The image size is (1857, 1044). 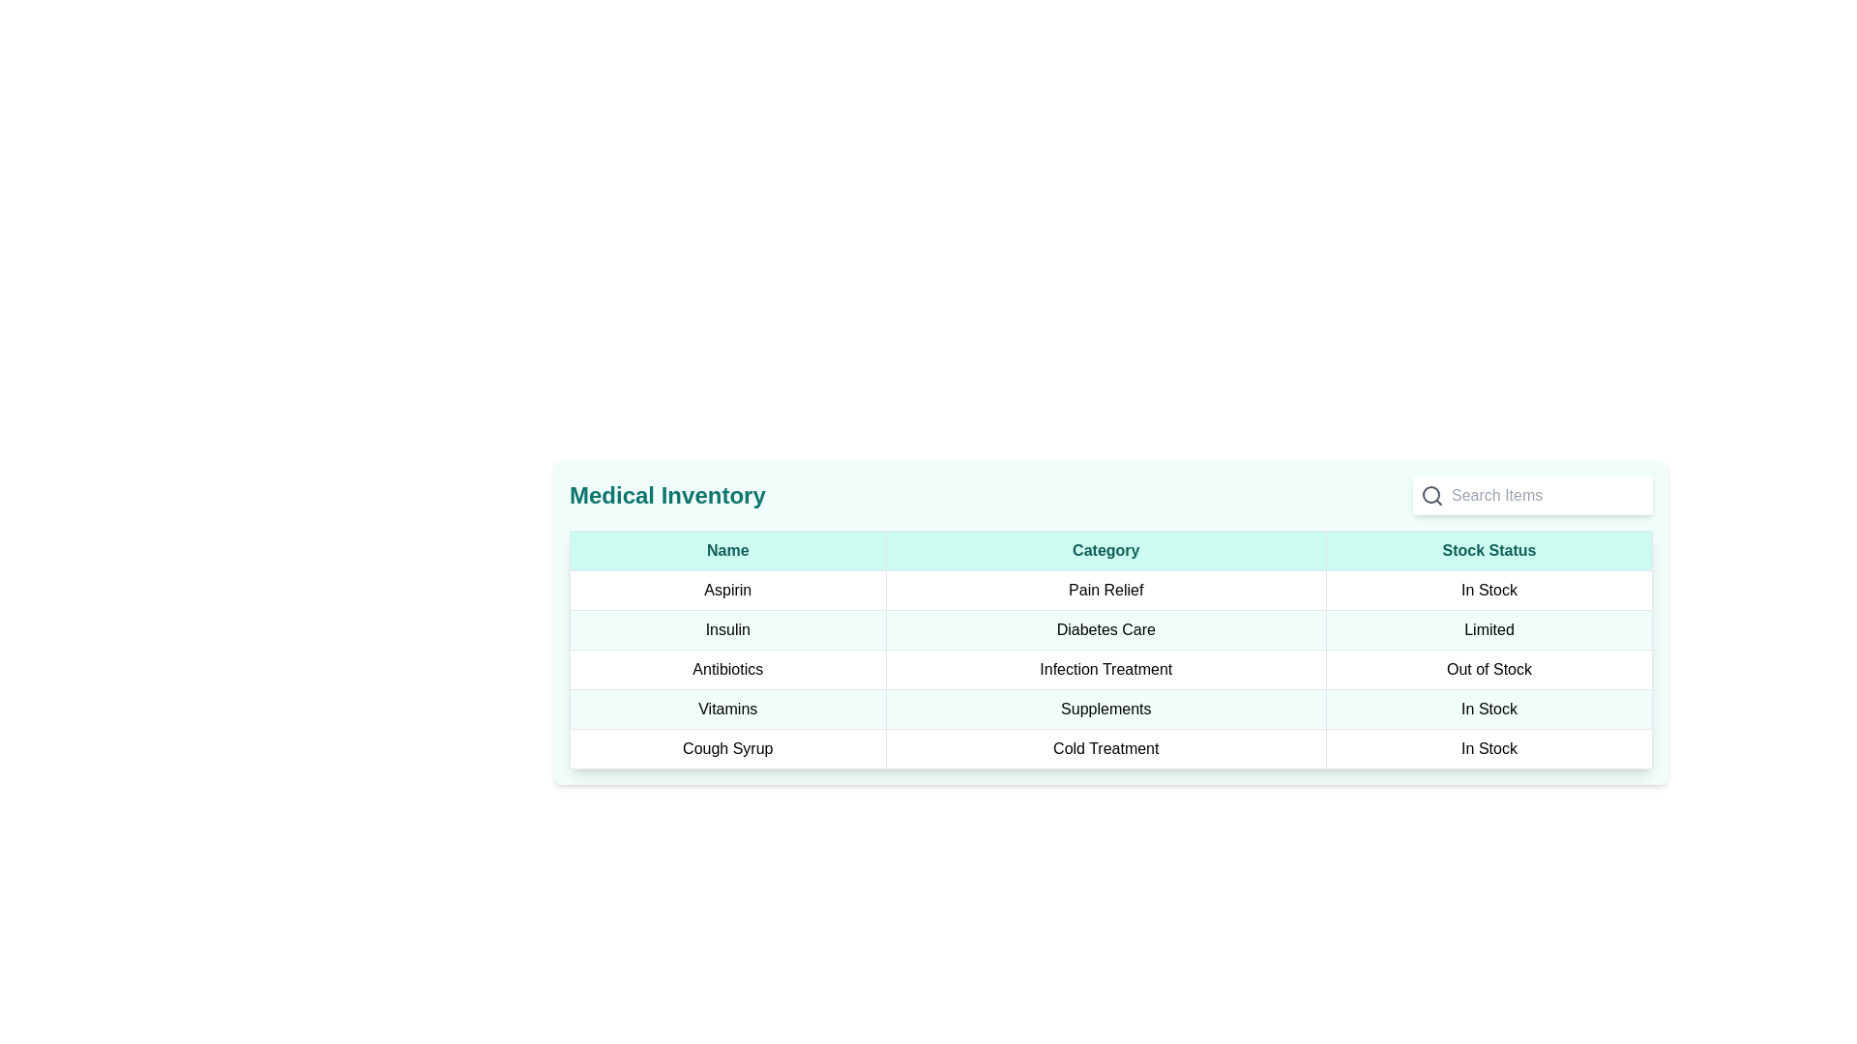 What do you see at coordinates (1489, 709) in the screenshot?
I see `the 'In Stock' text label in the 'Stock Status' column for the 'Vitamins' row, which displays the text in a bold typeface against a white background` at bounding box center [1489, 709].